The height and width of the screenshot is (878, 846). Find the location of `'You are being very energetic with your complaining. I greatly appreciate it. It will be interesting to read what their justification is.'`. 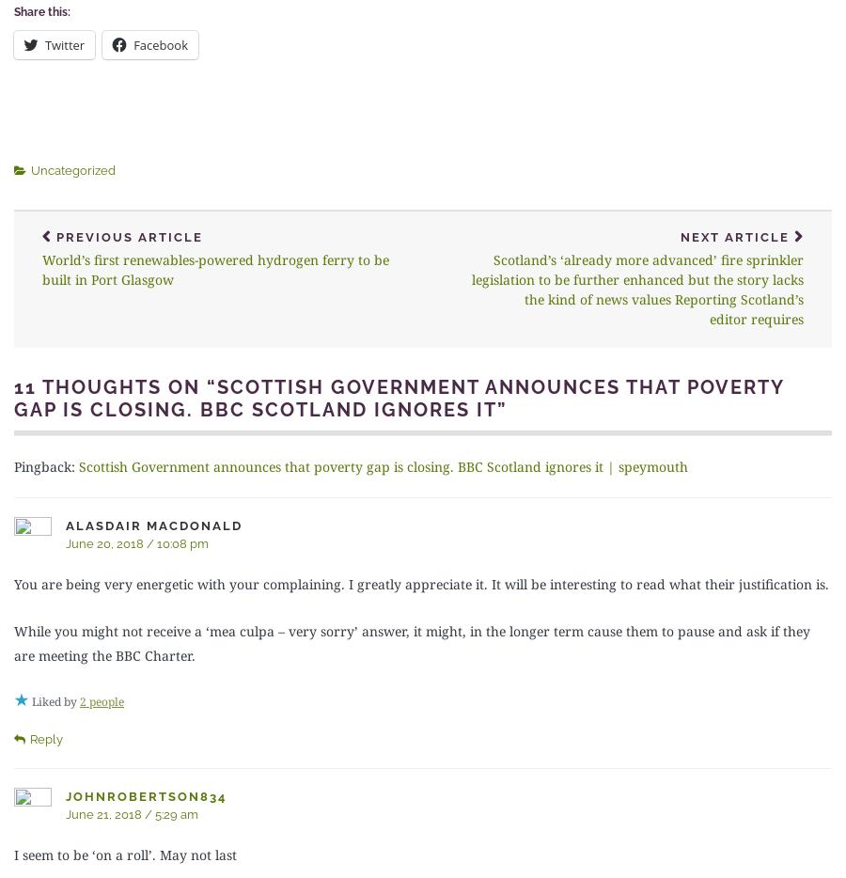

'You are being very energetic with your complaining. I greatly appreciate it. It will be interesting to read what their justification is.' is located at coordinates (421, 583).